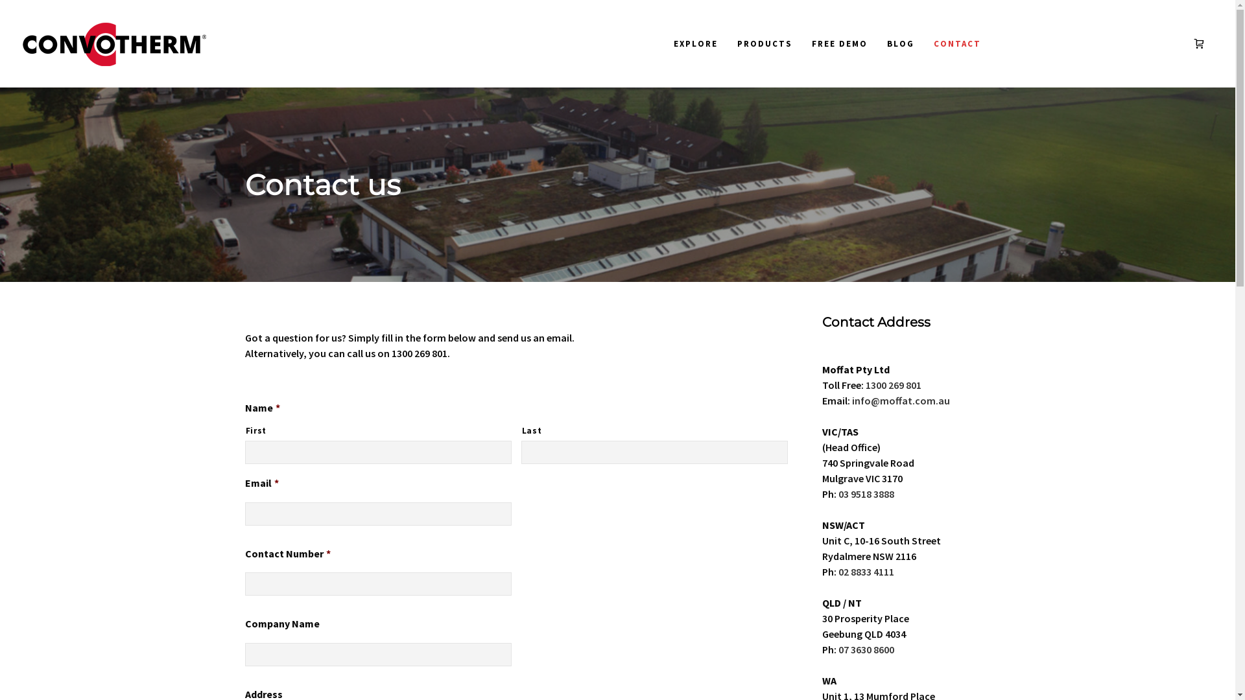 Image resolution: width=1245 pixels, height=700 pixels. Describe the element at coordinates (899, 43) in the screenshot. I see `'BLOG'` at that location.